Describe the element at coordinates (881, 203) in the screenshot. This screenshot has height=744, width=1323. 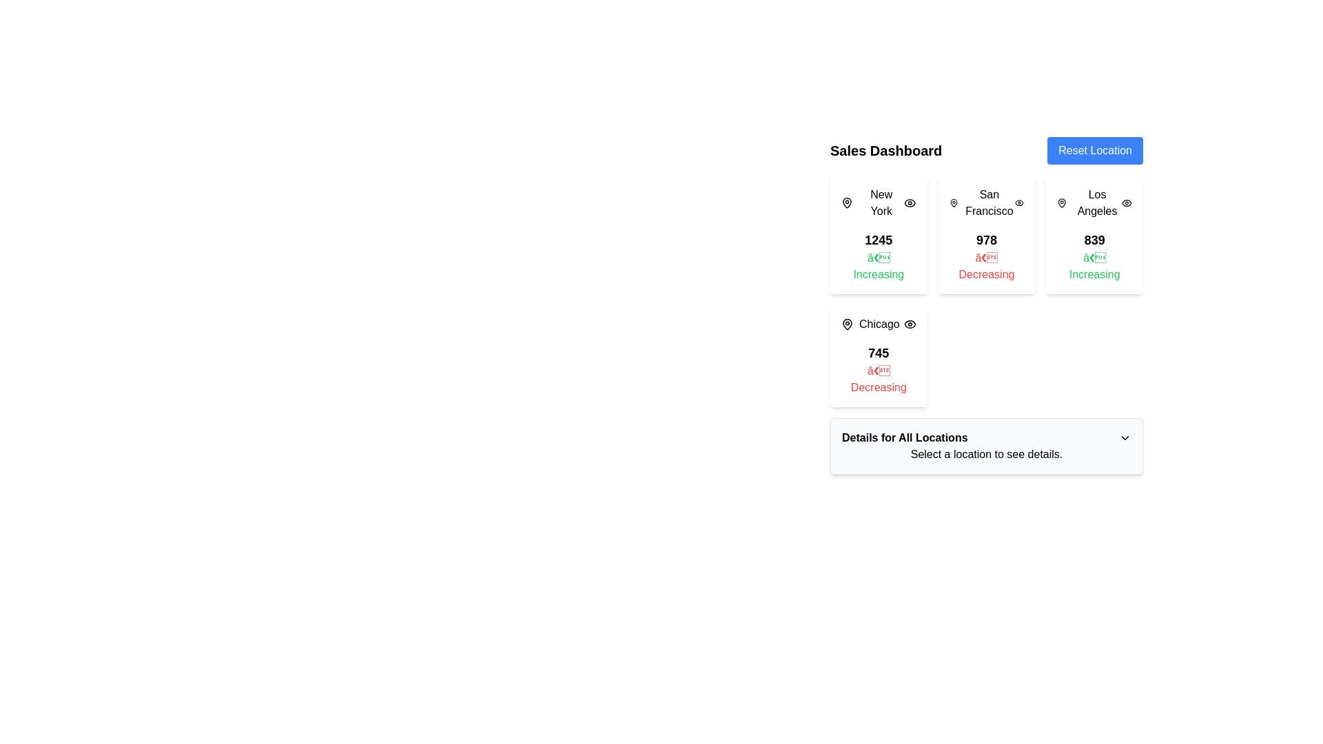
I see `the 'New York' text label element which is displayed in bold within the leftmost card component, positioned above the numeric value '1245' and the status 'Increasing'` at that location.